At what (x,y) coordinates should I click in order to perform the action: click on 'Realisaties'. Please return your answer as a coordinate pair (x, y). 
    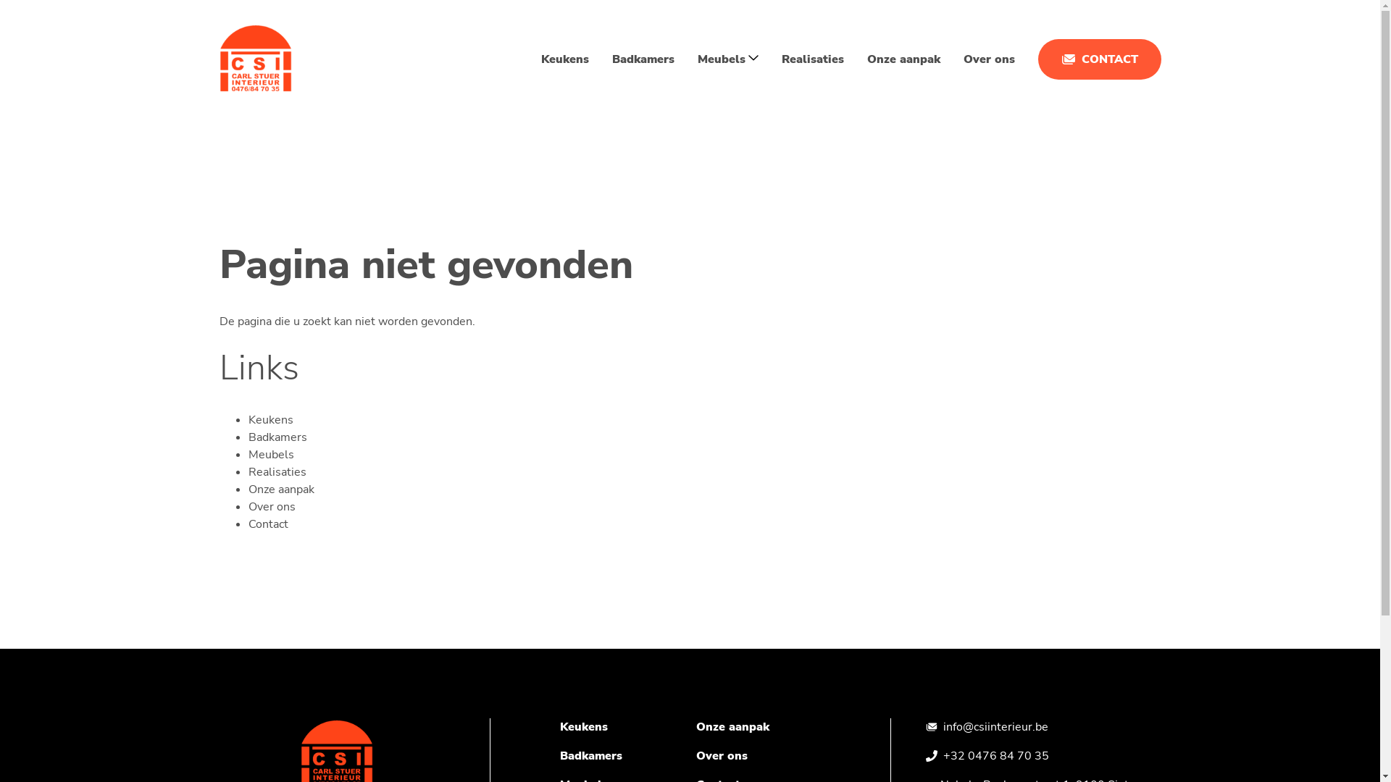
    Looking at the image, I should click on (277, 471).